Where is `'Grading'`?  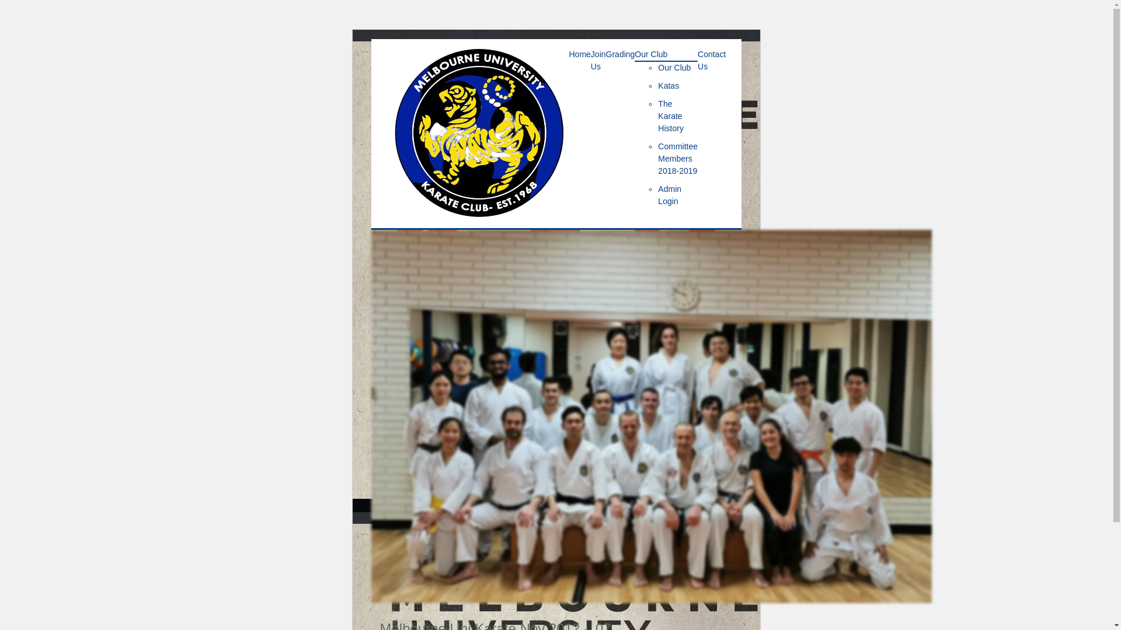 'Grading' is located at coordinates (619, 54).